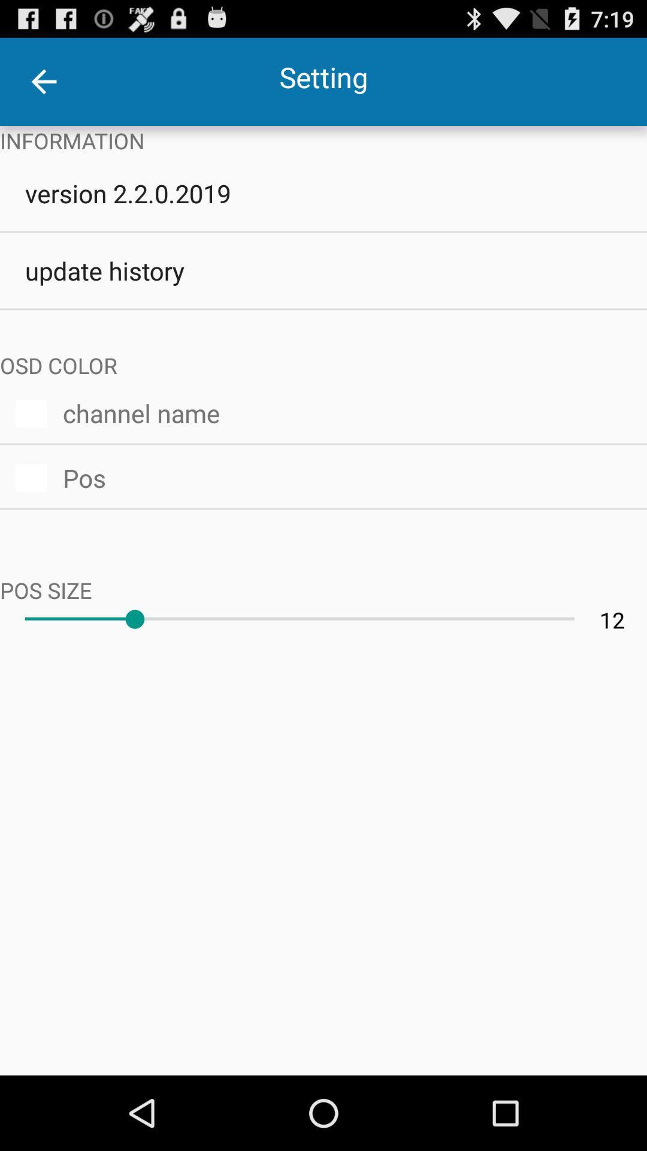 Image resolution: width=647 pixels, height=1151 pixels. Describe the element at coordinates (347, 411) in the screenshot. I see `the channel name item` at that location.